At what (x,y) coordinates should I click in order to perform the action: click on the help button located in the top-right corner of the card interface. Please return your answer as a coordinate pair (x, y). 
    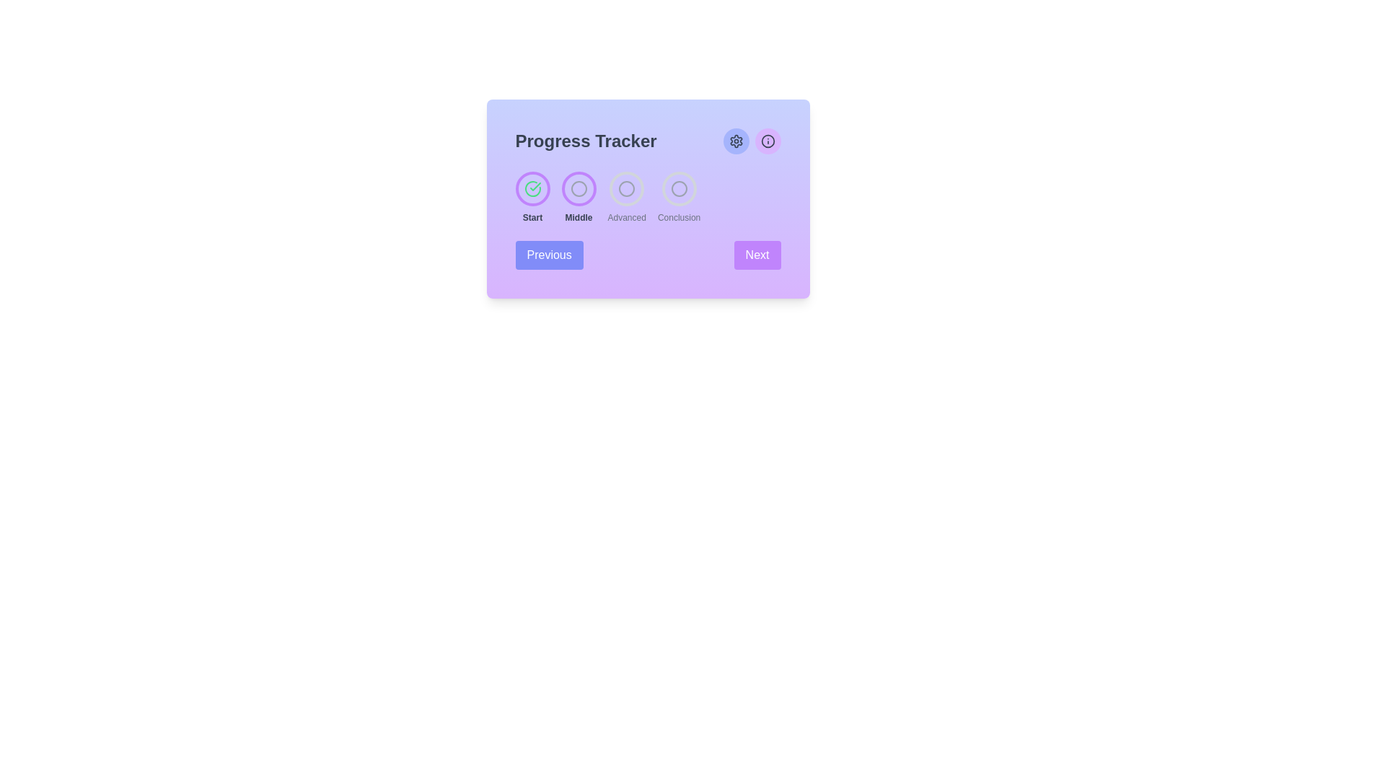
    Looking at the image, I should click on (767, 141).